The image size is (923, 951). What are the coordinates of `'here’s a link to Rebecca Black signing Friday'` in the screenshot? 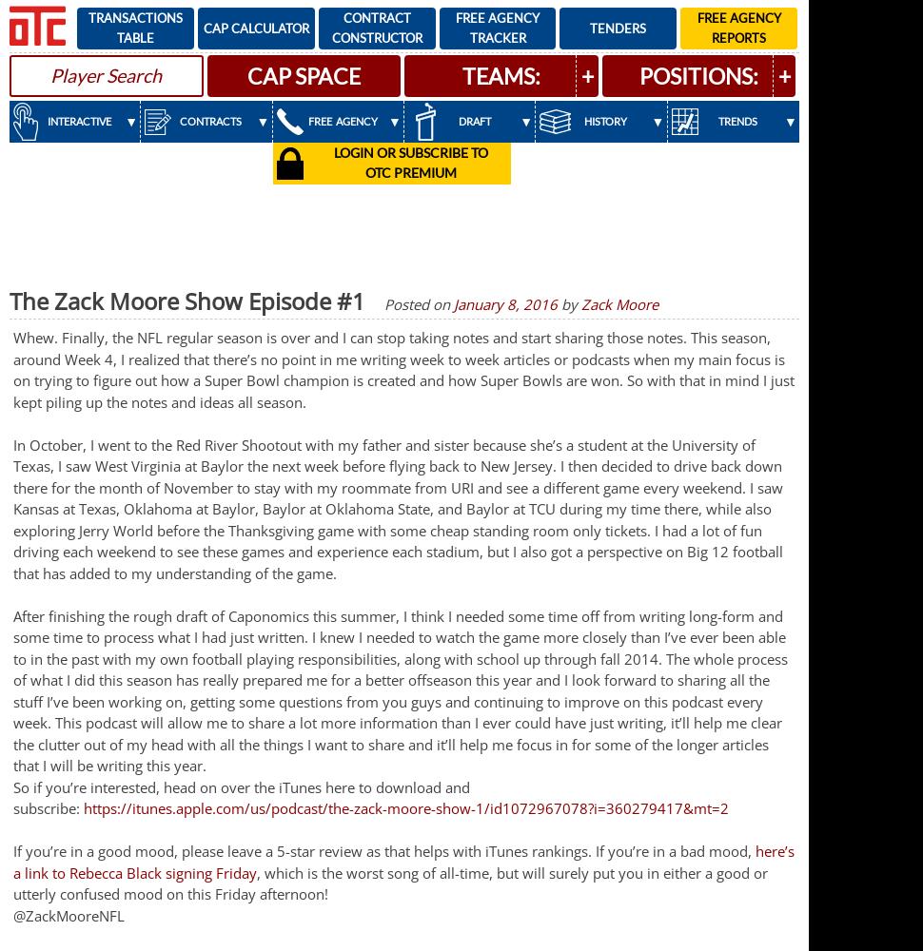 It's located at (403, 862).